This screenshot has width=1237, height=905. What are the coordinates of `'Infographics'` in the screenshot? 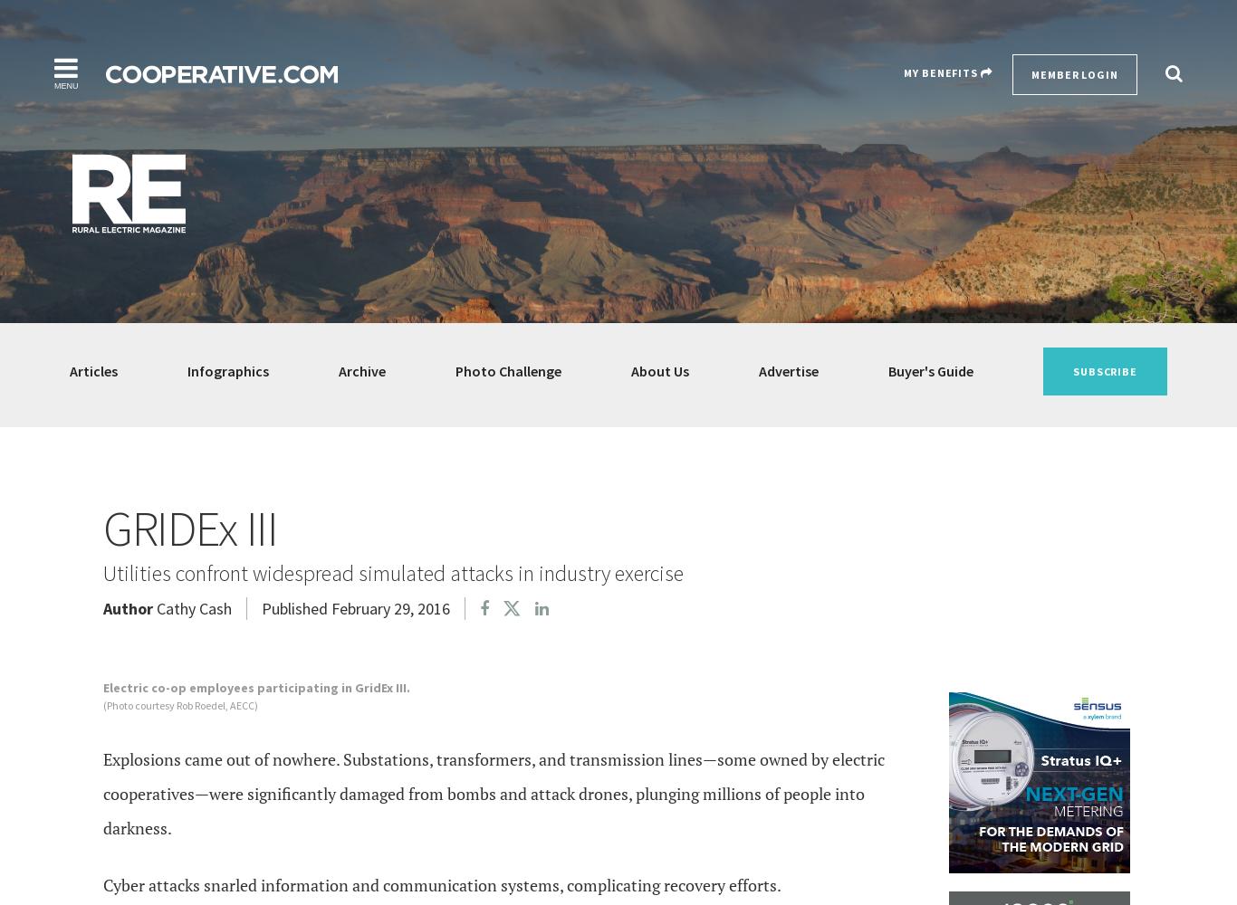 It's located at (228, 371).